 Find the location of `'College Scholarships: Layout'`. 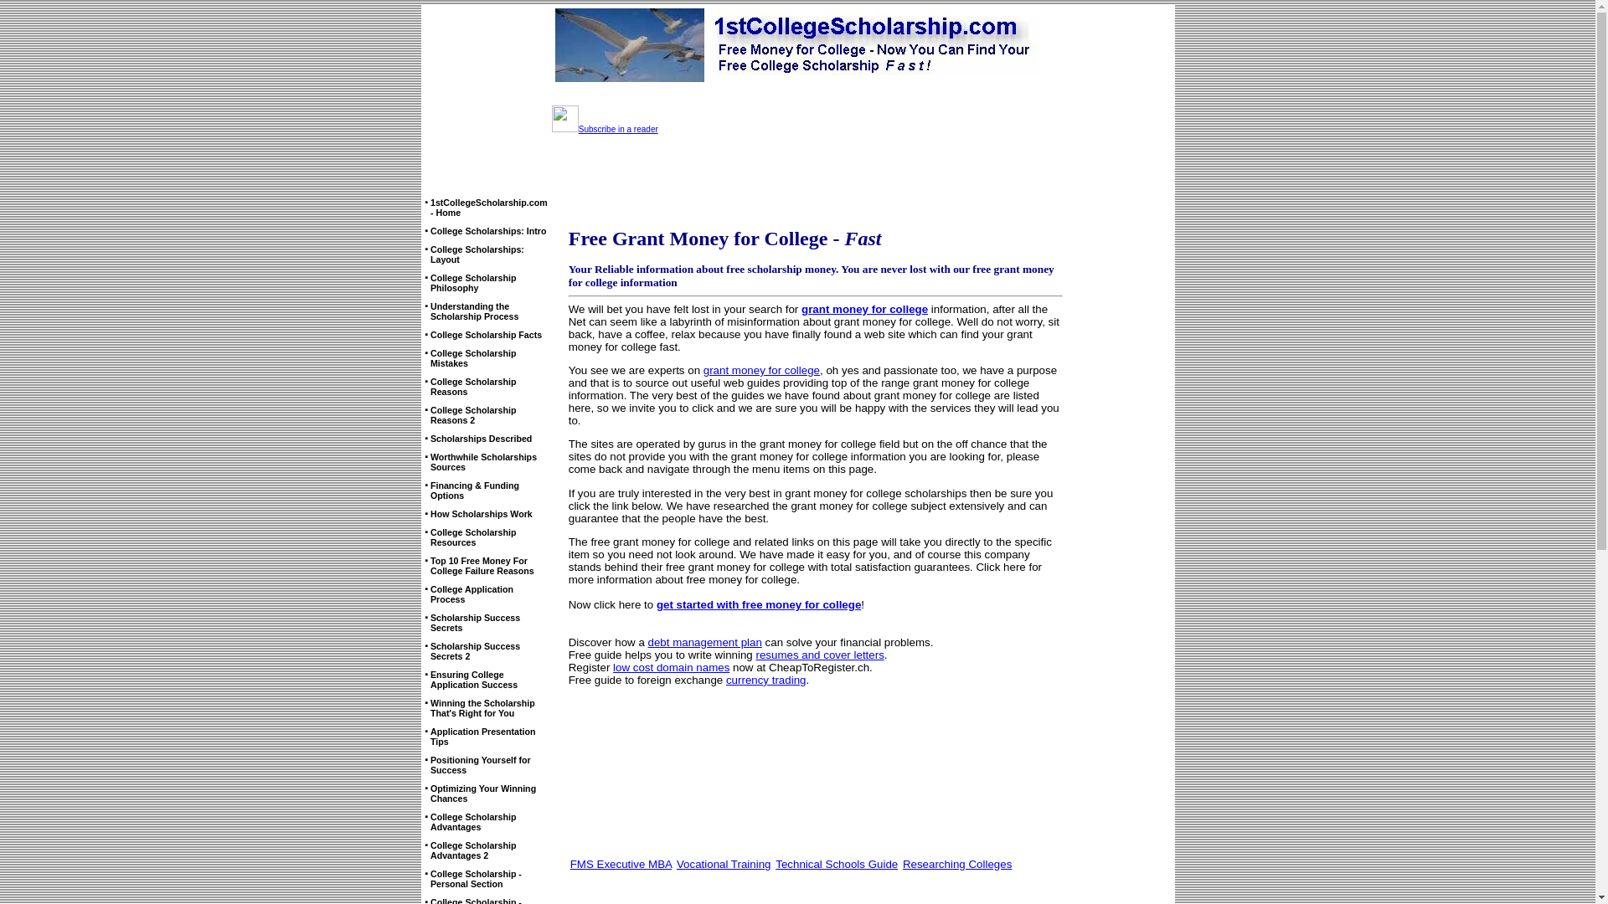

'College Scholarships: Layout' is located at coordinates (477, 254).